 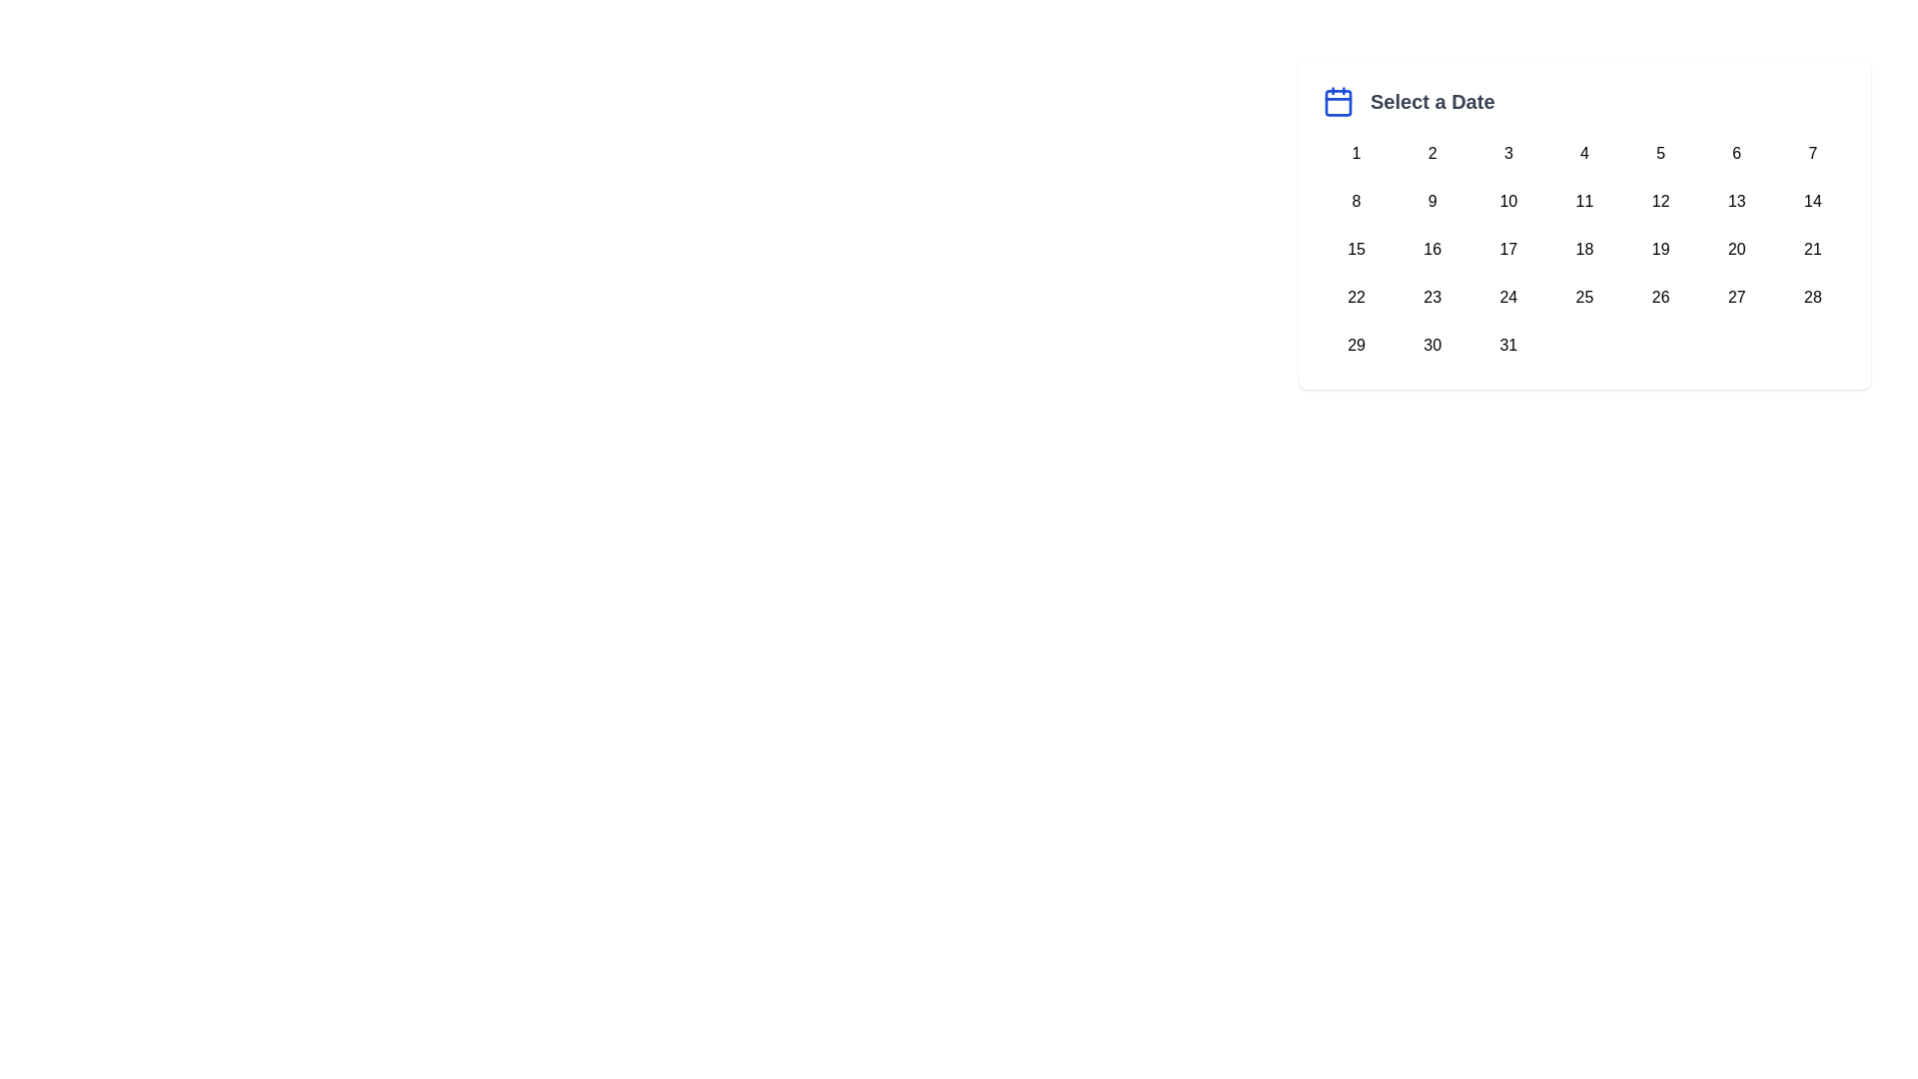 What do you see at coordinates (1432, 345) in the screenshot?
I see `the rounded rectangular button labeled '30' to change its background color to light blue` at bounding box center [1432, 345].